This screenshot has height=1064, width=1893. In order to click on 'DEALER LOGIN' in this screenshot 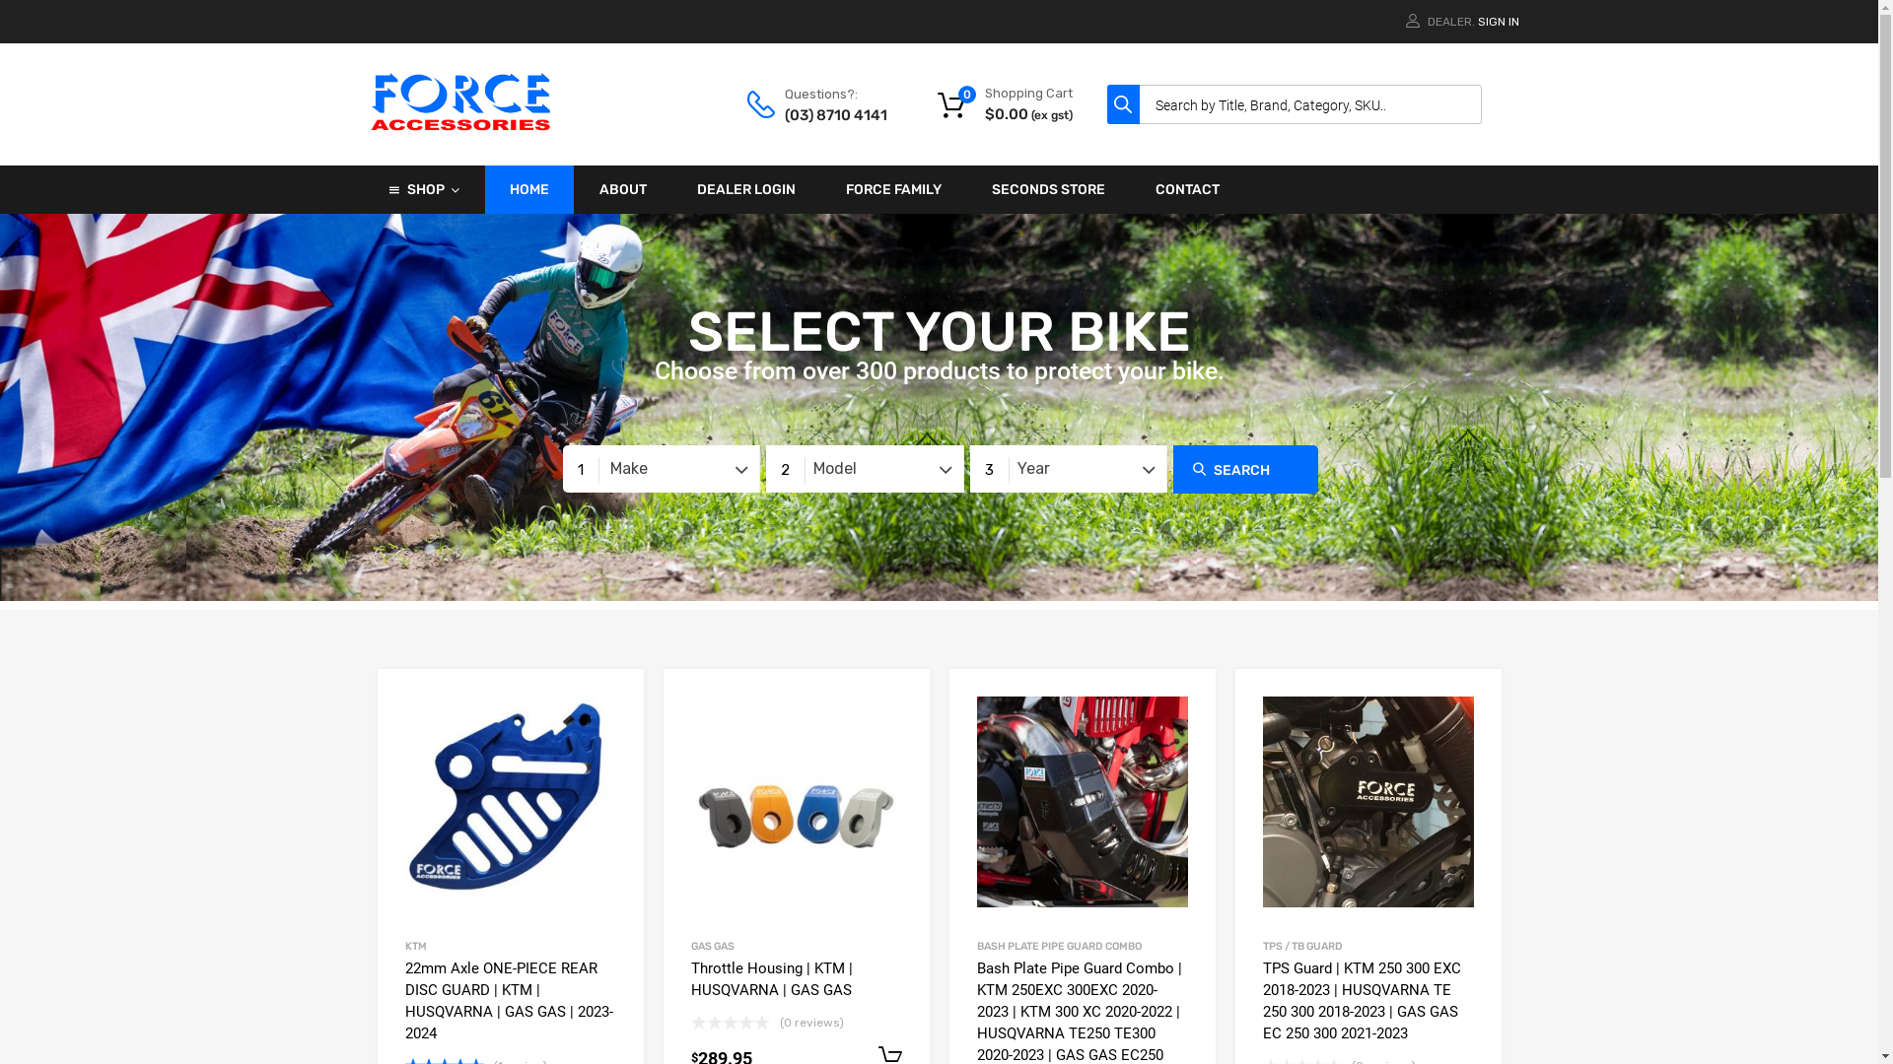, I will do `click(745, 189)`.